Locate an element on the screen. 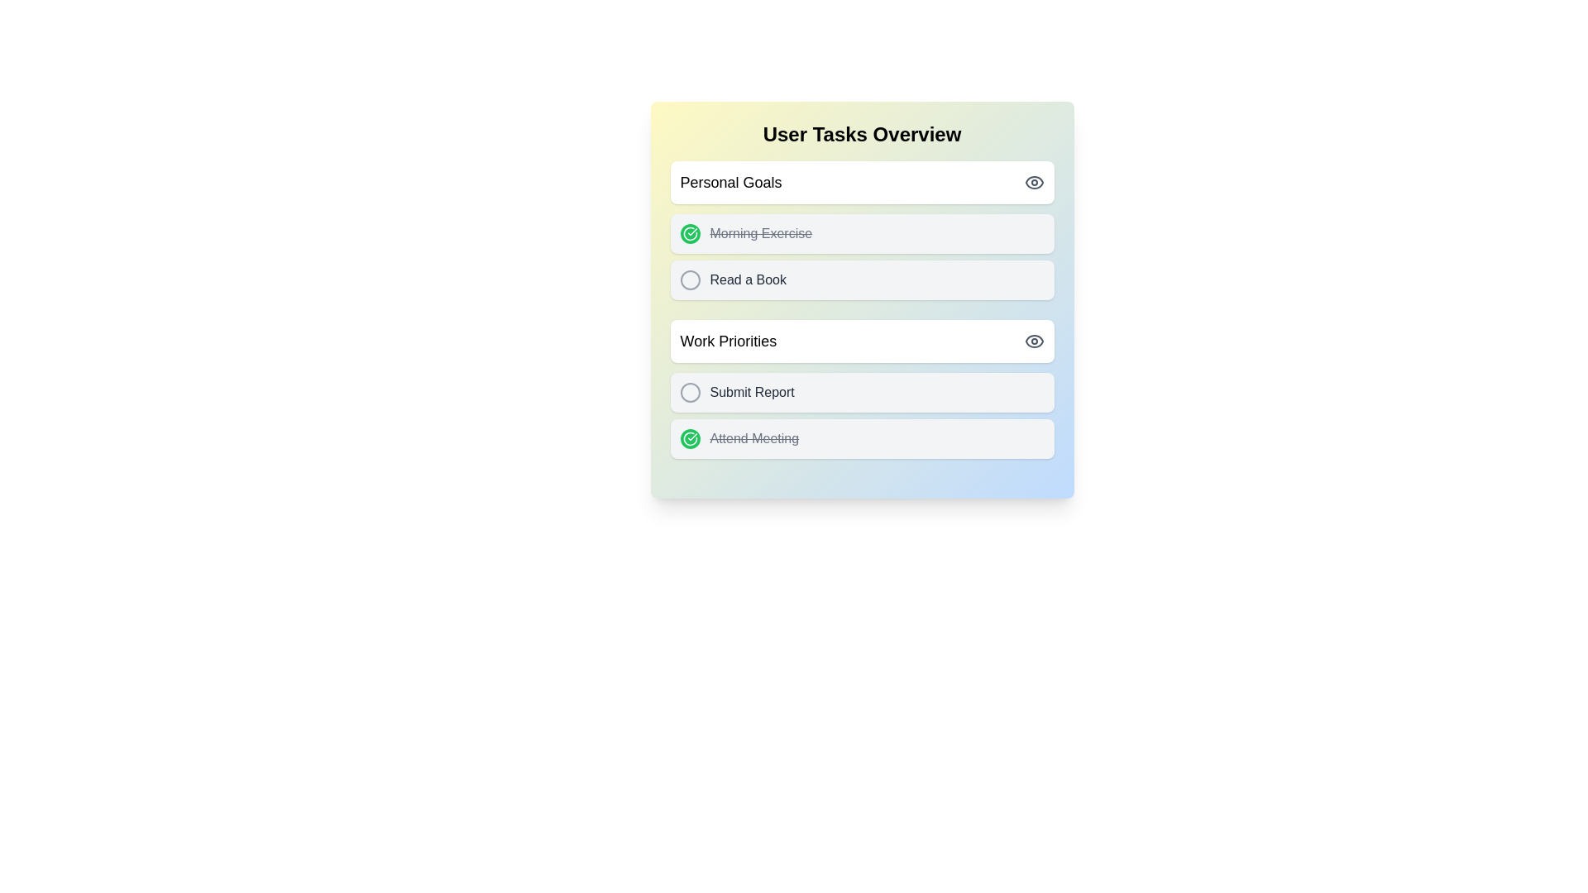 Image resolution: width=1588 pixels, height=893 pixels. the 'Morning Exercise' task entry in the List of tasks with status icons is located at coordinates (861, 257).